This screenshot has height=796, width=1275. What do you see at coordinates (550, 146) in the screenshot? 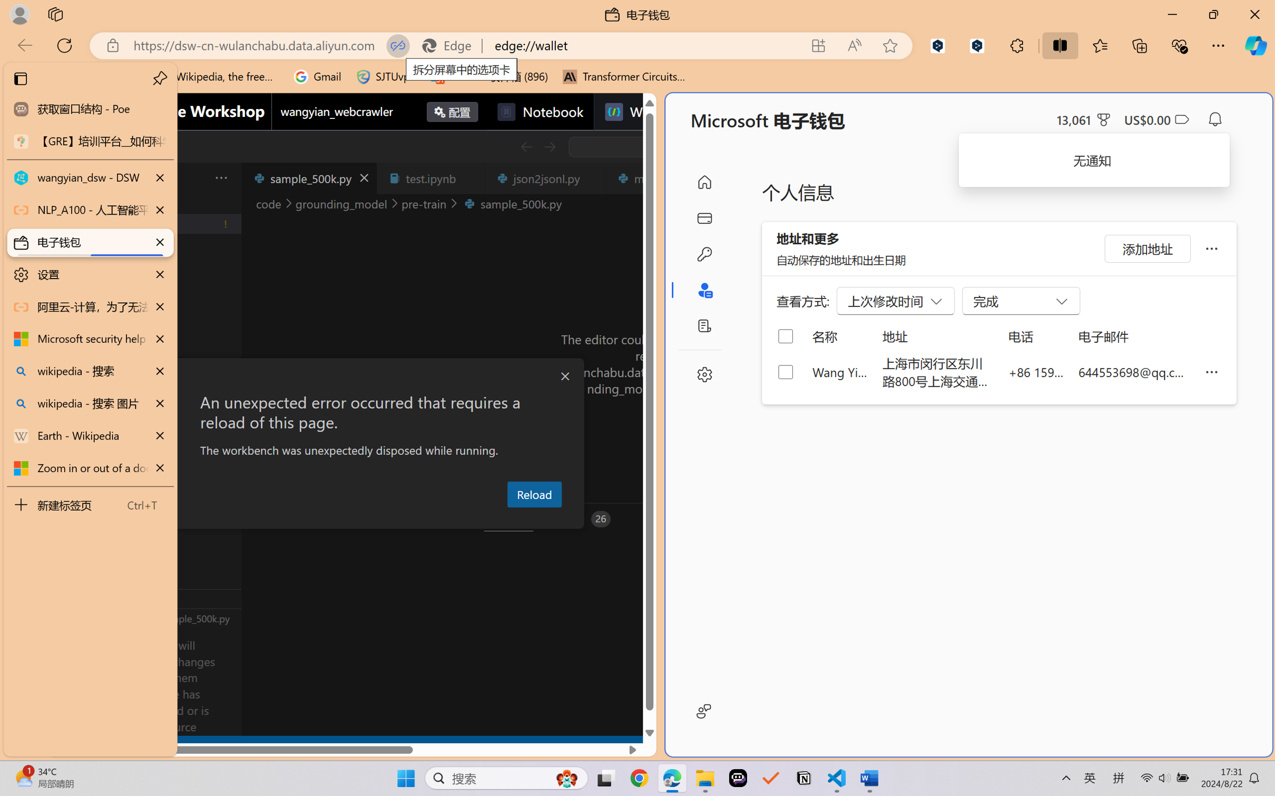
I see `'Go Forward (Alt+RightArrow)'` at bounding box center [550, 146].